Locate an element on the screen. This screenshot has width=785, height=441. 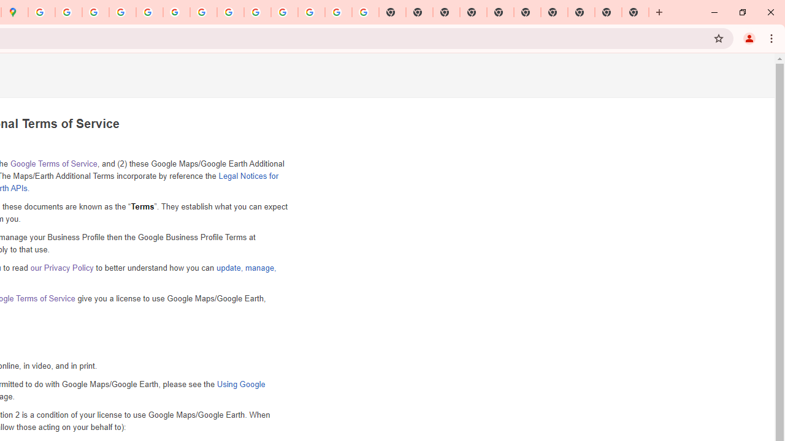
'our Privacy Policy' is located at coordinates (61, 267).